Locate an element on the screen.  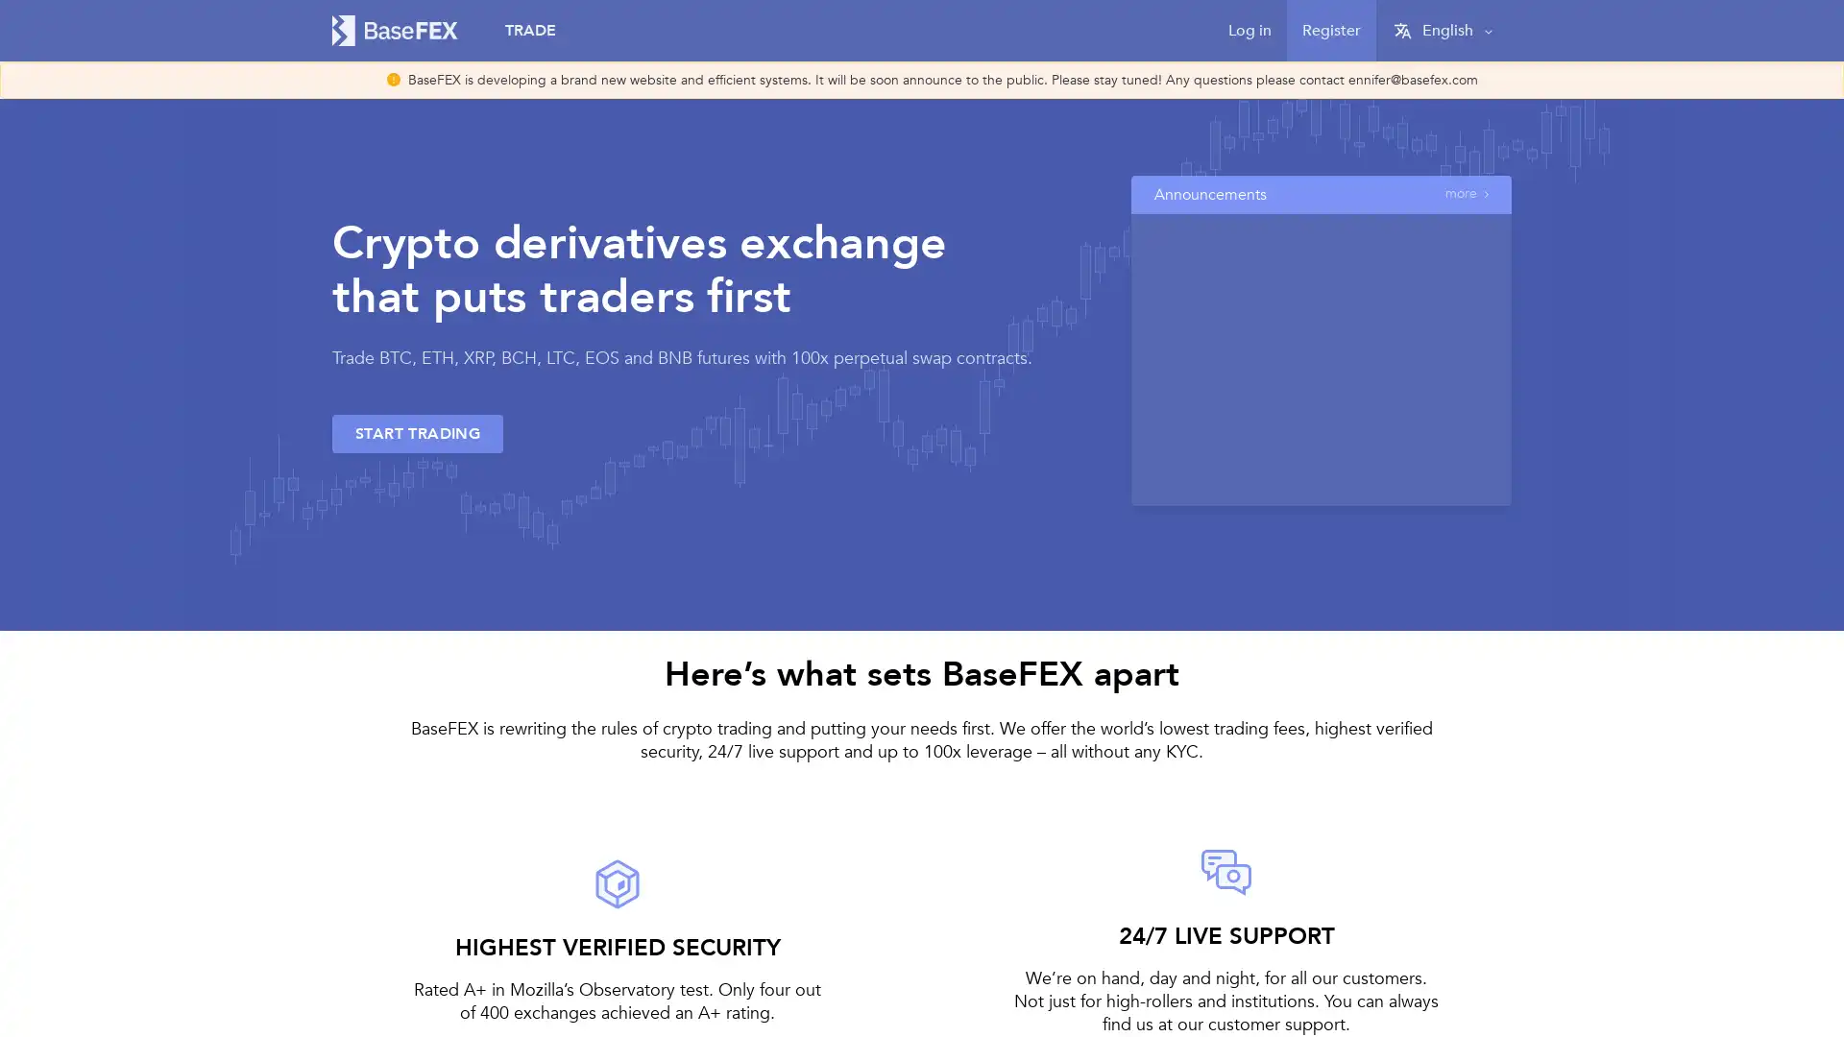
START TRADING is located at coordinates (417, 433).